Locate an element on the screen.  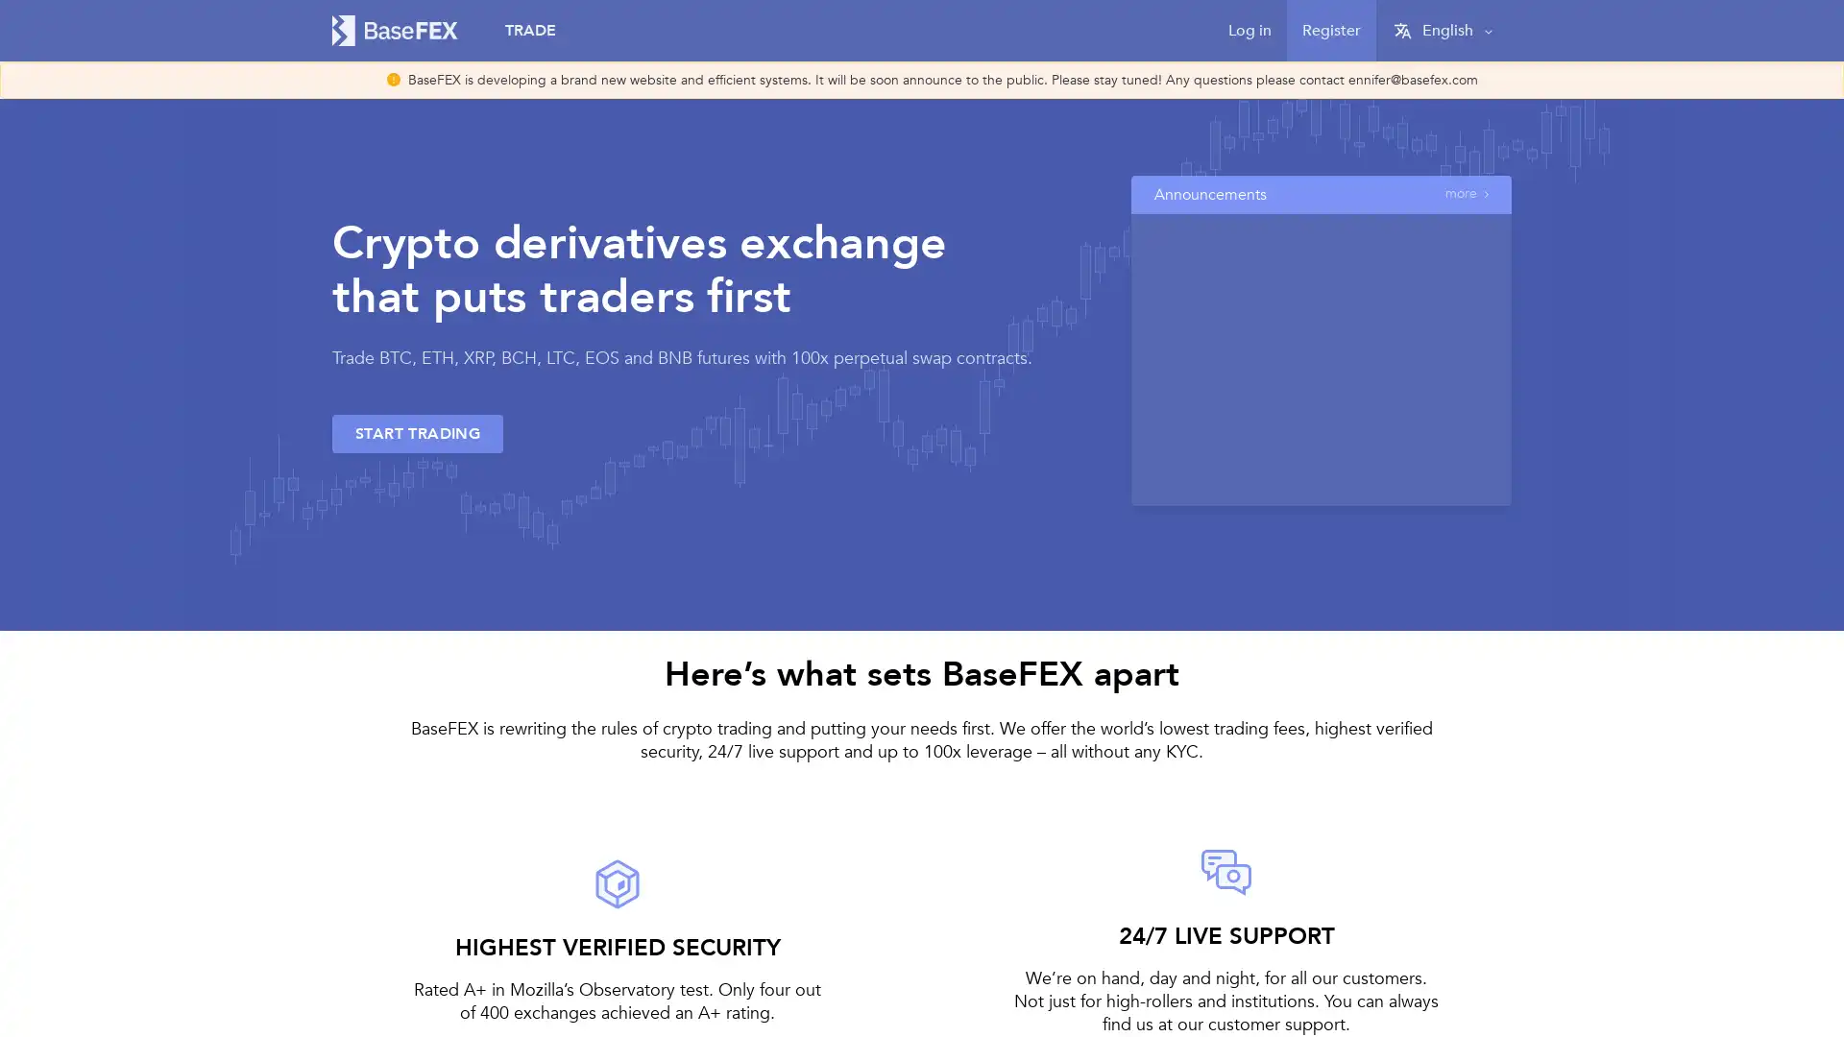
START TRADING is located at coordinates (417, 433).